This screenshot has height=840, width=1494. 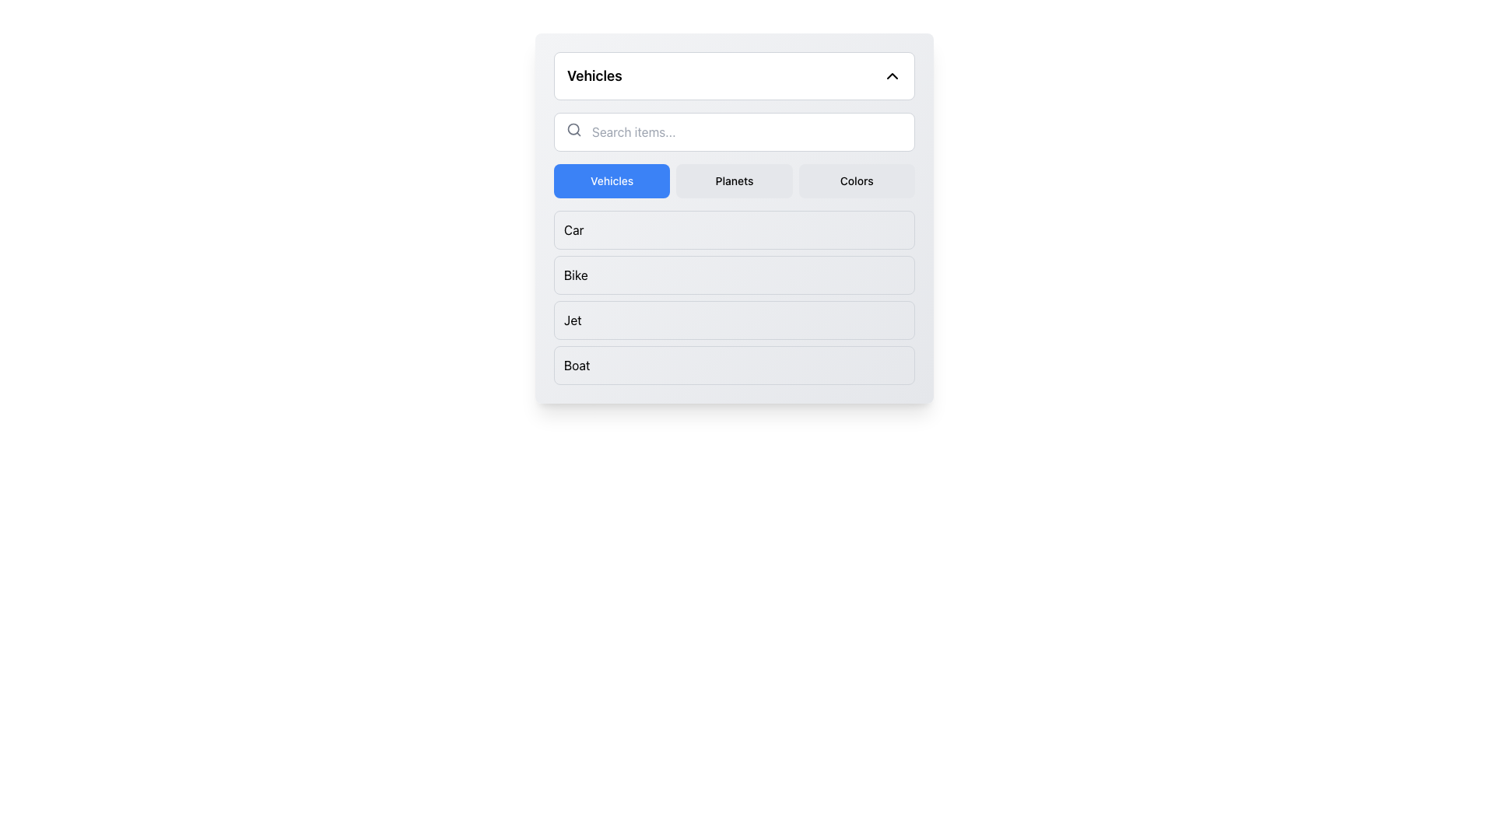 What do you see at coordinates (893, 75) in the screenshot?
I see `the dropdown indicator icon located at the far-right corner of the 'Vehicles' header` at bounding box center [893, 75].